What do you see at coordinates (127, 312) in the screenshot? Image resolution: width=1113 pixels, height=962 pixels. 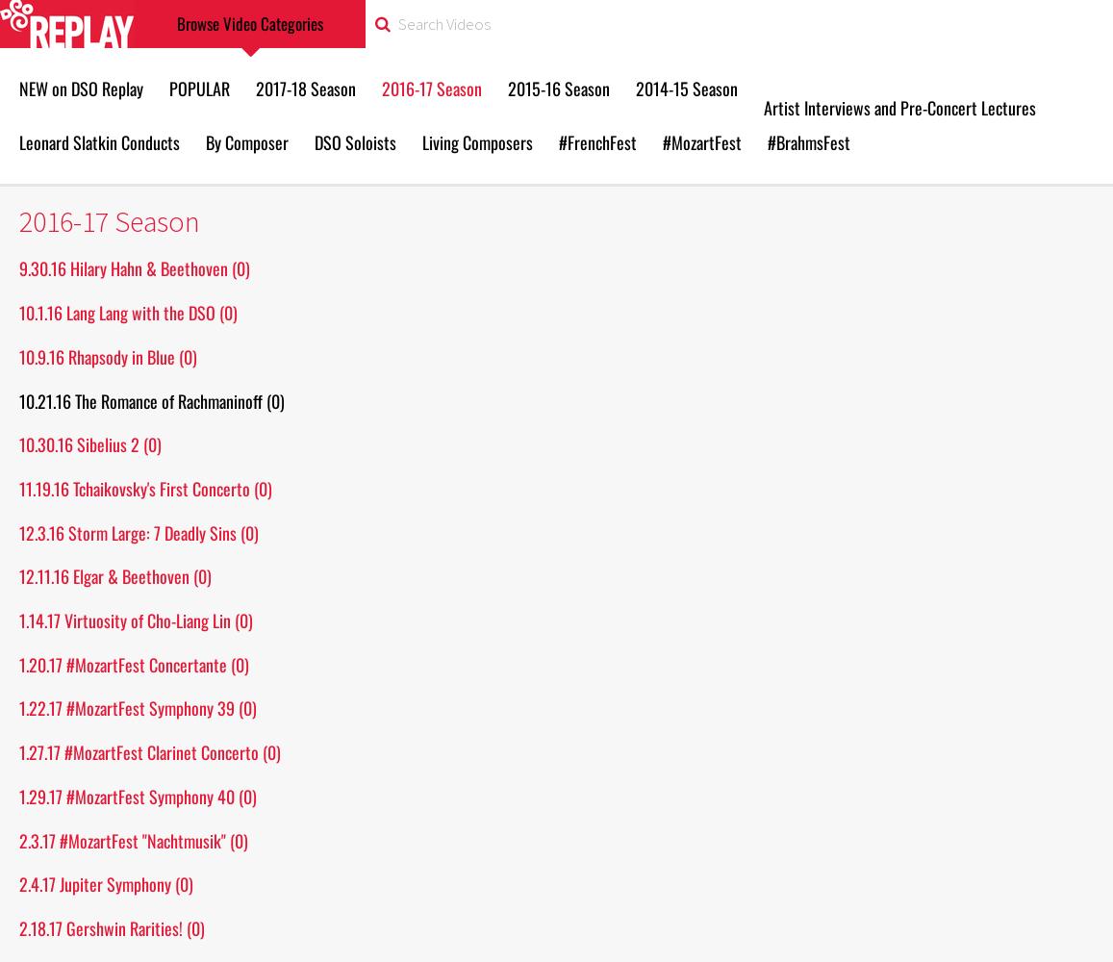 I see `'10.1.16 Lang Lang with the DSO (0)'` at bounding box center [127, 312].